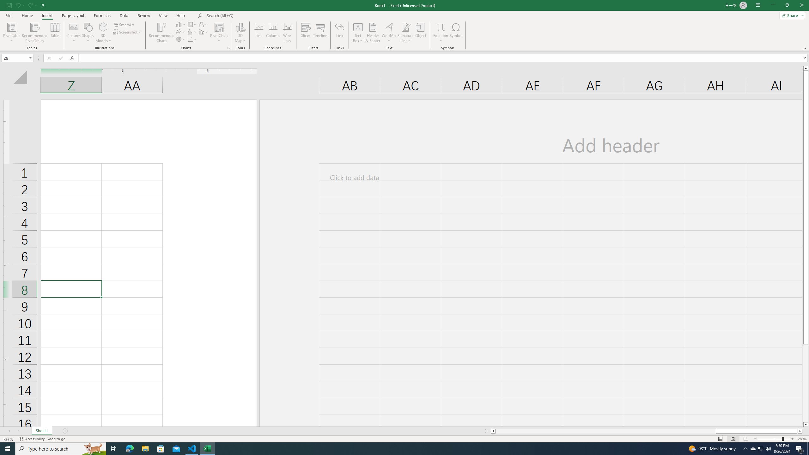 Image resolution: width=809 pixels, height=455 pixels. What do you see at coordinates (103, 33) in the screenshot?
I see `'3D Models'` at bounding box center [103, 33].